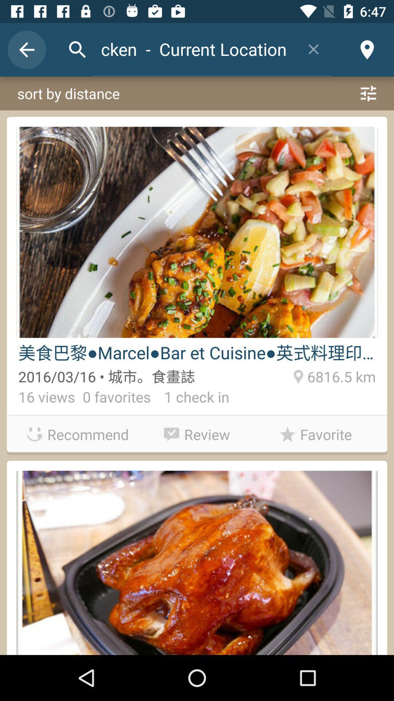 The height and width of the screenshot is (701, 394). What do you see at coordinates (78, 434) in the screenshot?
I see `the item next to review item` at bounding box center [78, 434].